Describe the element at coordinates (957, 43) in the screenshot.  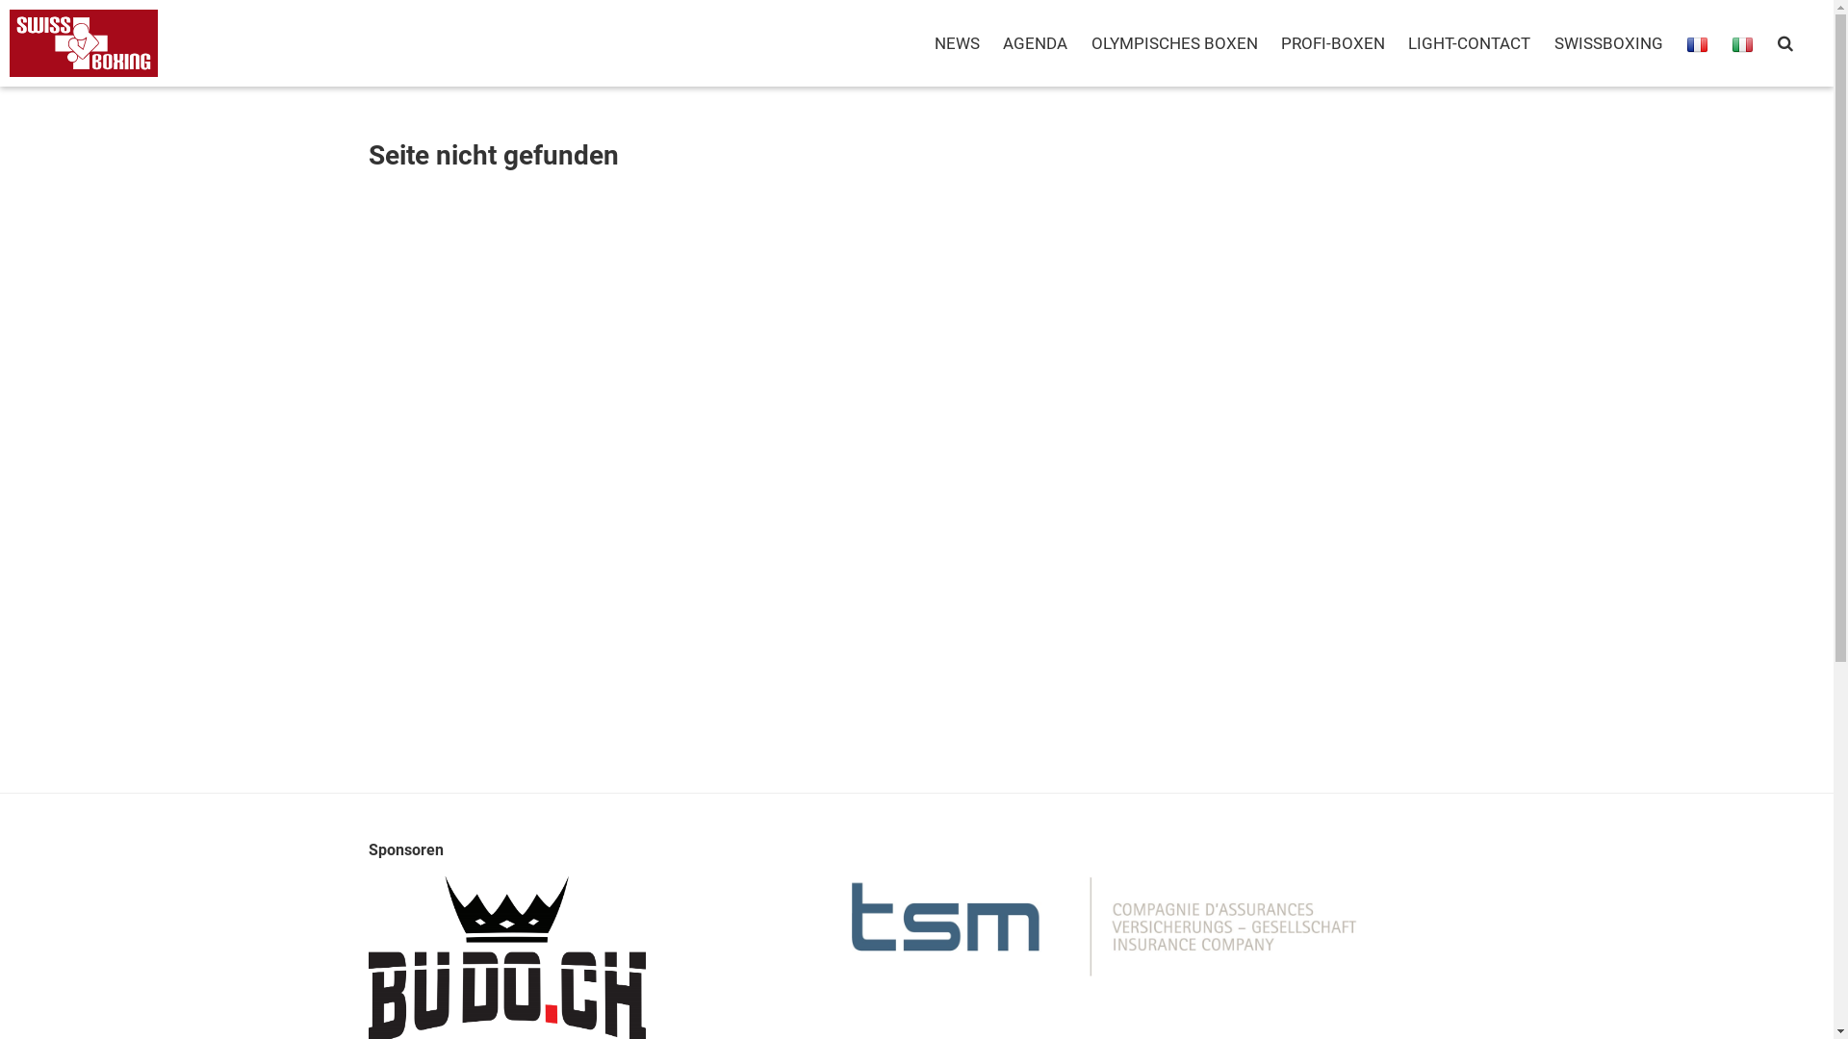
I see `'NEWS'` at that location.